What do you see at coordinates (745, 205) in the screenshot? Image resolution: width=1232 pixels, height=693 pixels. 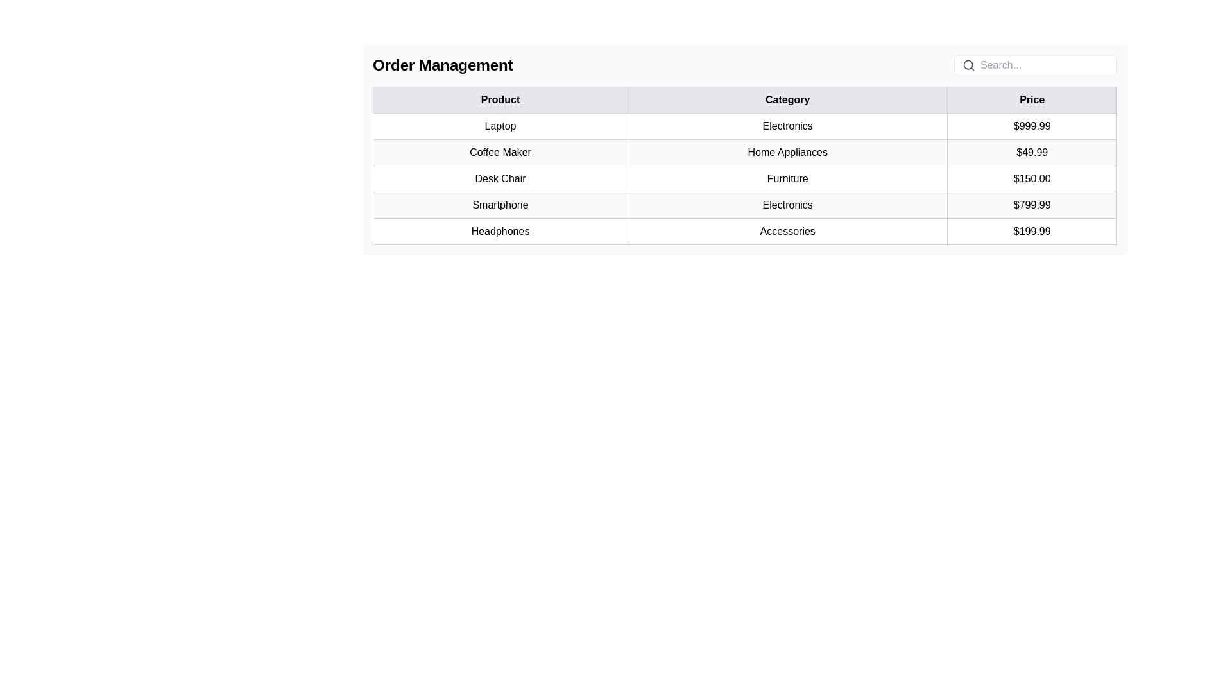 I see `the fifth row of the table containing the columns 'Product', 'Category', and 'Price', which displays 'Smartphone', 'Electronics', and '$799.99'` at bounding box center [745, 205].